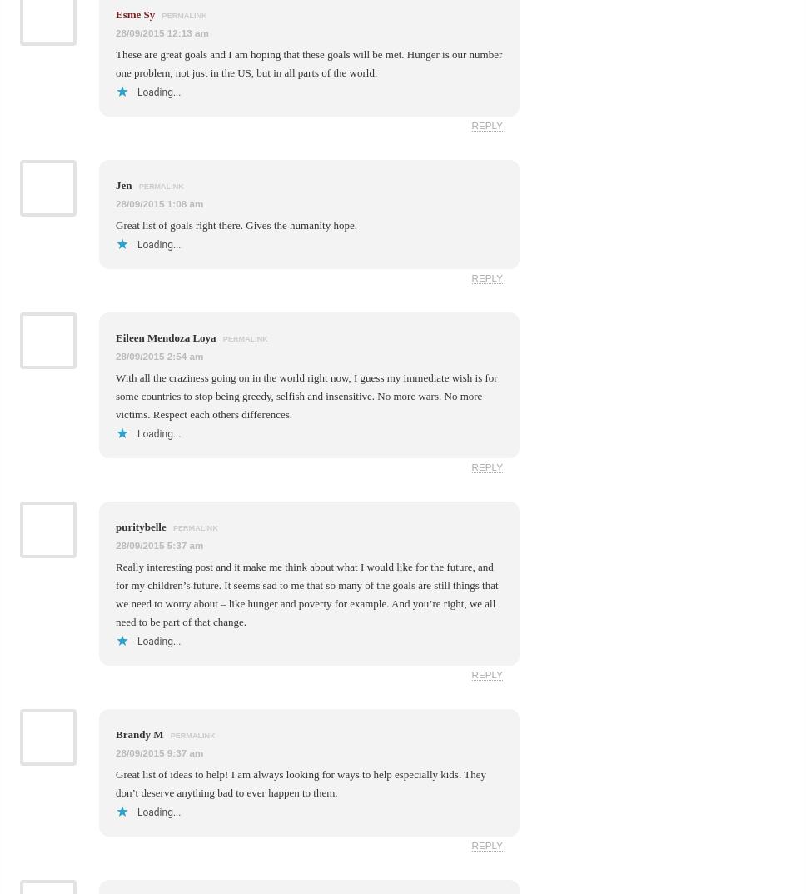 The height and width of the screenshot is (894, 806). Describe the element at coordinates (159, 355) in the screenshot. I see `'28/09/2015 2:54 am'` at that location.